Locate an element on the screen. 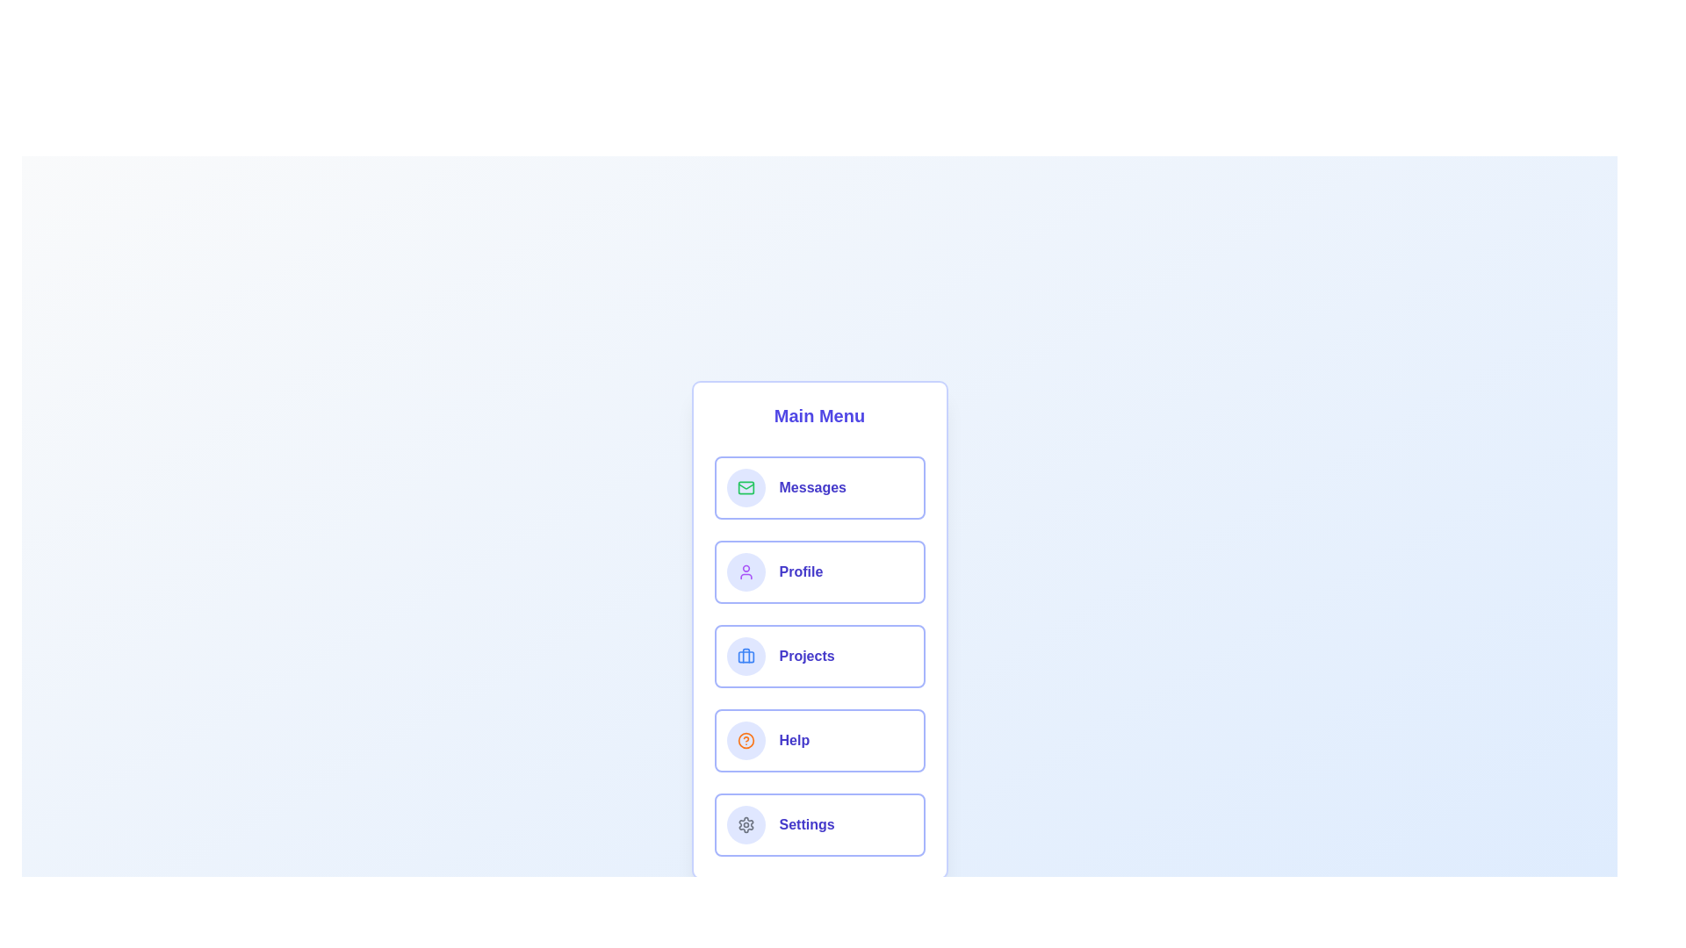 Image resolution: width=1686 pixels, height=948 pixels. the menu item labeled 'Projects' to observe the hover effect is located at coordinates (818, 657).